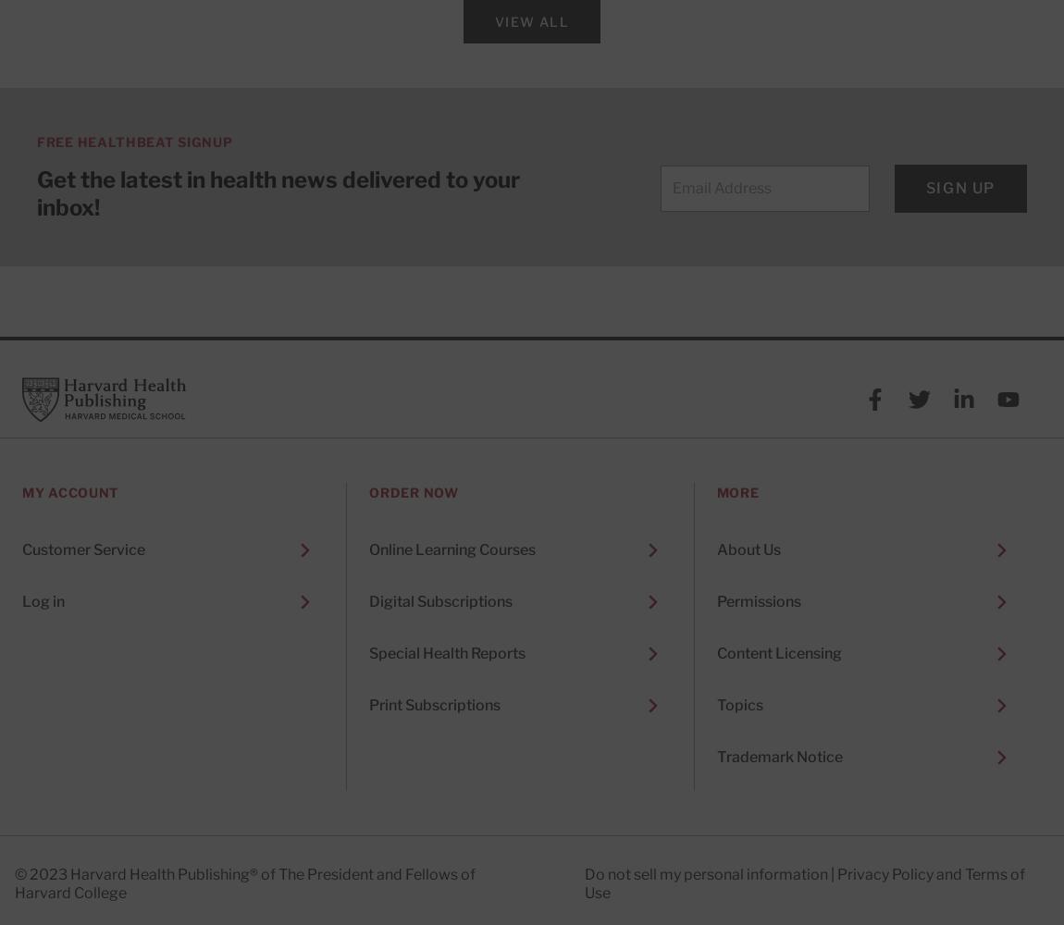  I want to click on 'Customer Service', so click(82, 549).